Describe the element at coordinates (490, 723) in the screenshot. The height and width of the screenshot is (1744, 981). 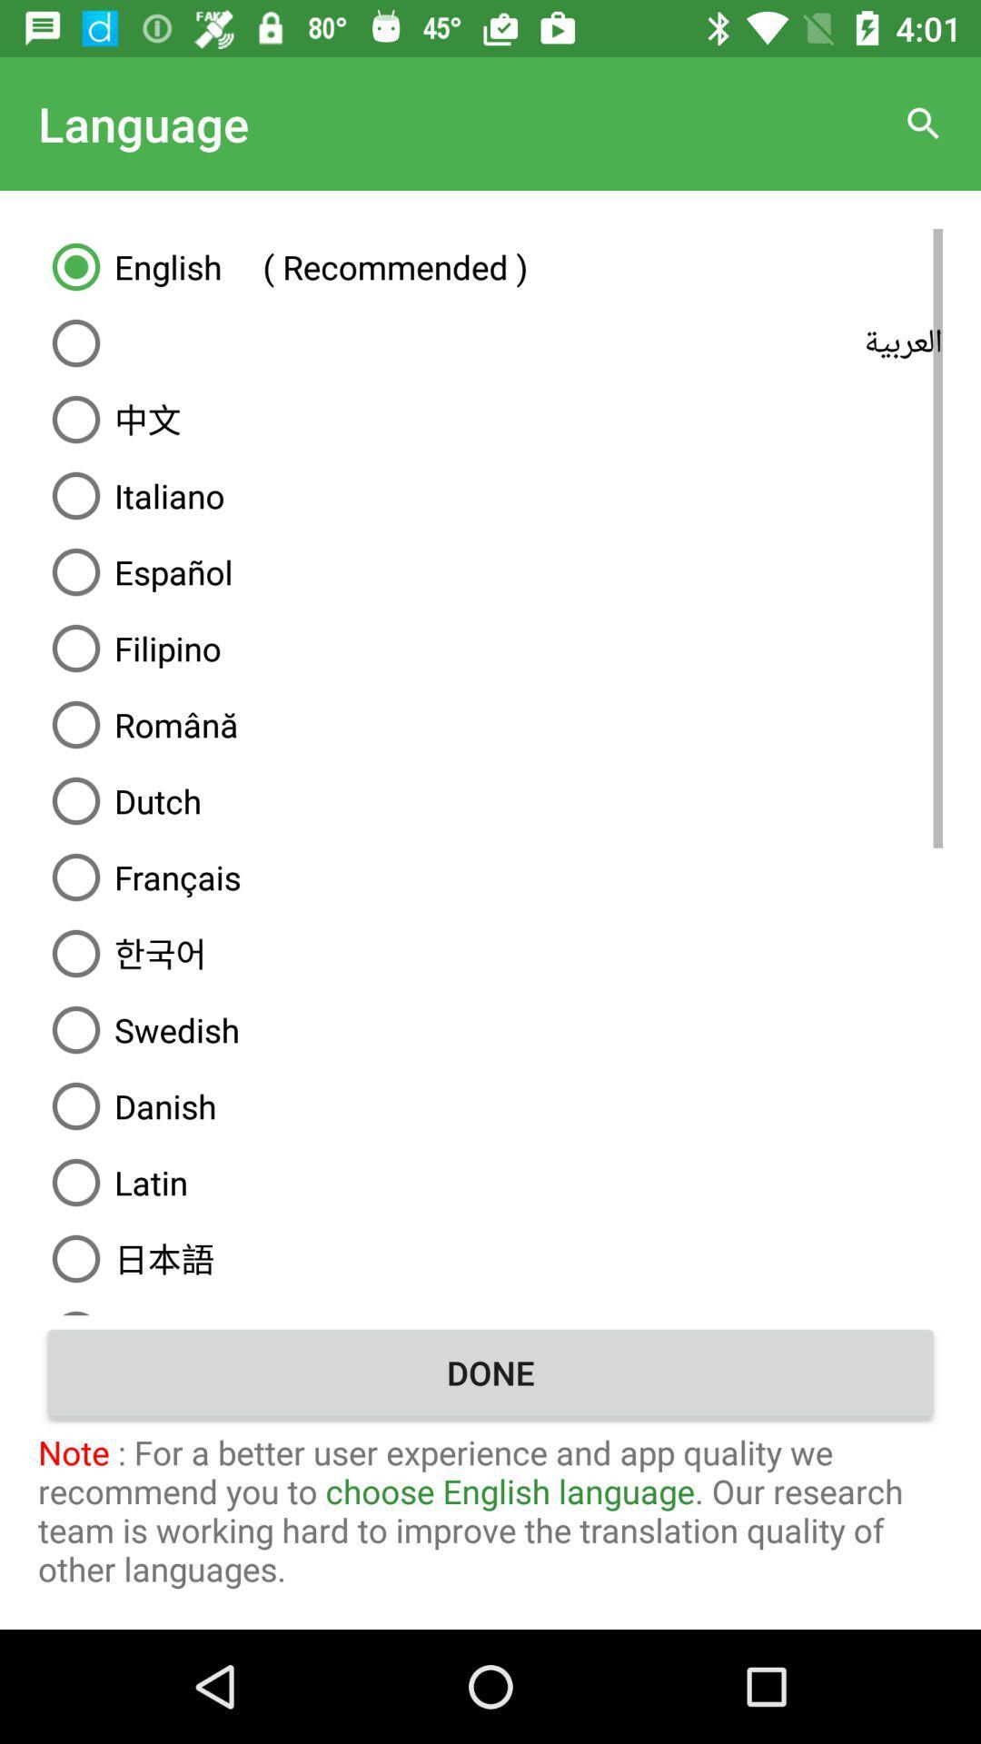
I see `the item above the dutch icon` at that location.